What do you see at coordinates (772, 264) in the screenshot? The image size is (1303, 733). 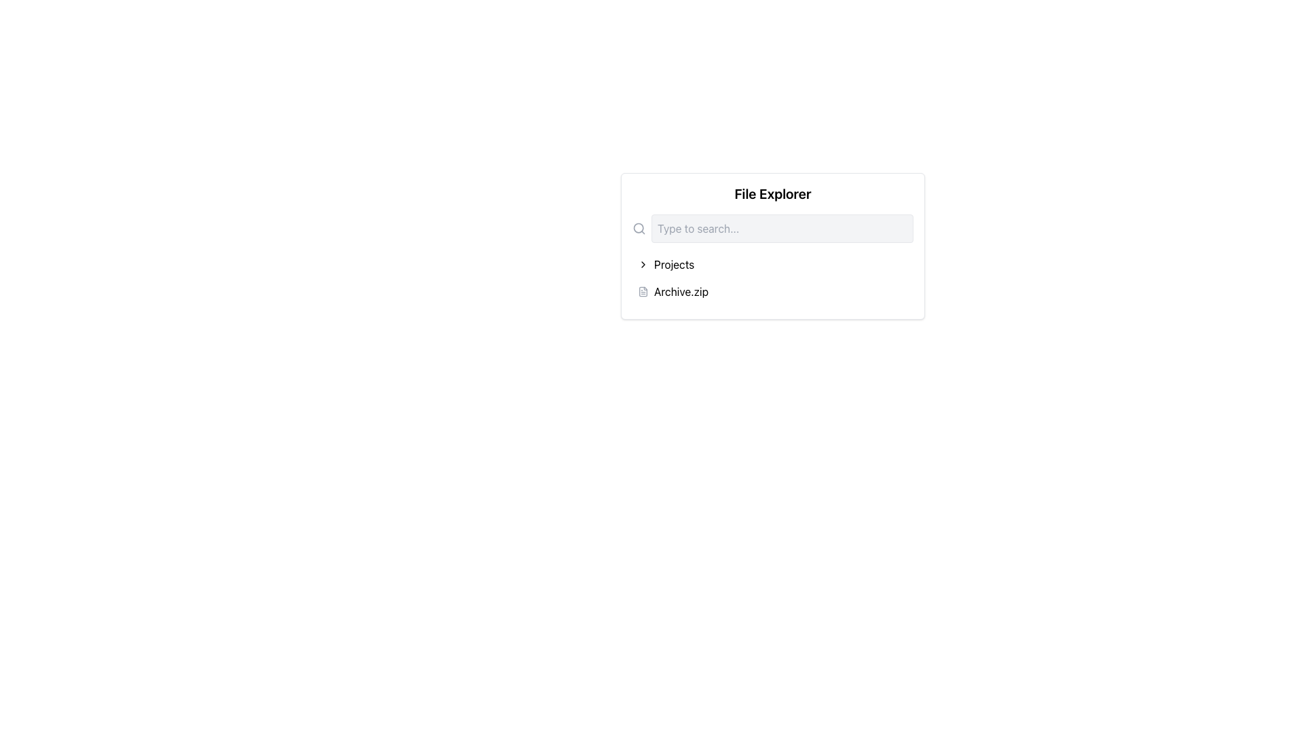 I see `the first list item in the file explorer interface, which navigates to 'Projects' and is positioned below the search bar and above 'Archive.zip'` at bounding box center [772, 264].